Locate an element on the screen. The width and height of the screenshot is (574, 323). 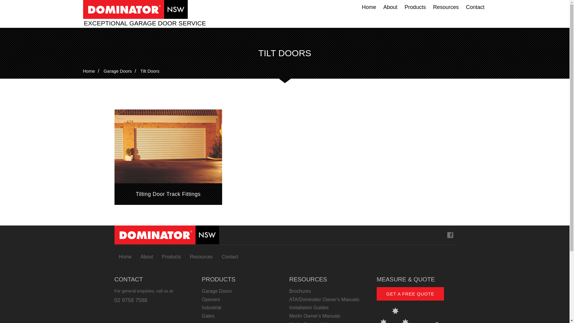
'Contact' is located at coordinates (462, 7).